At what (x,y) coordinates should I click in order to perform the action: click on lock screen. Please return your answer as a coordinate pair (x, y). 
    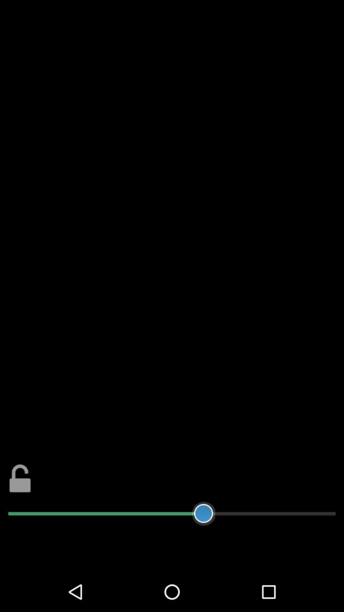
    Looking at the image, I should click on (20, 478).